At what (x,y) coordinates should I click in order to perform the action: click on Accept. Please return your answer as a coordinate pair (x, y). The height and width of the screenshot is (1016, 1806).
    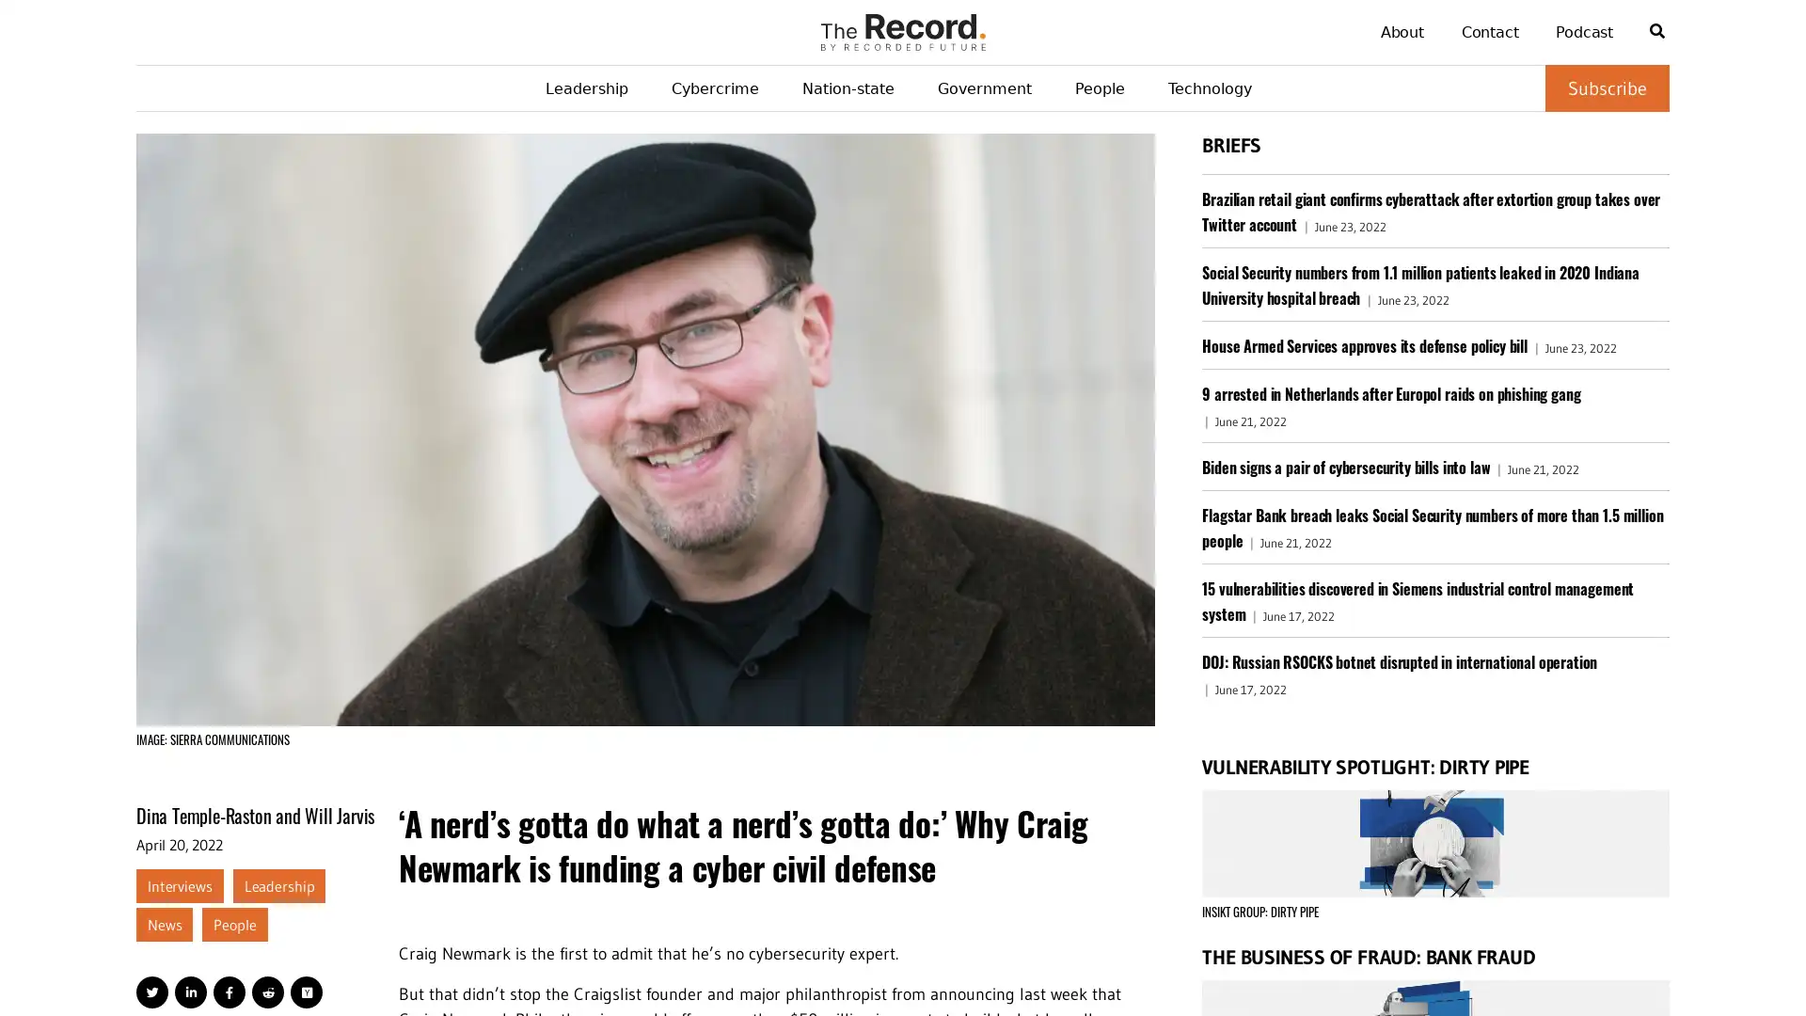
    Looking at the image, I should click on (1740, 969).